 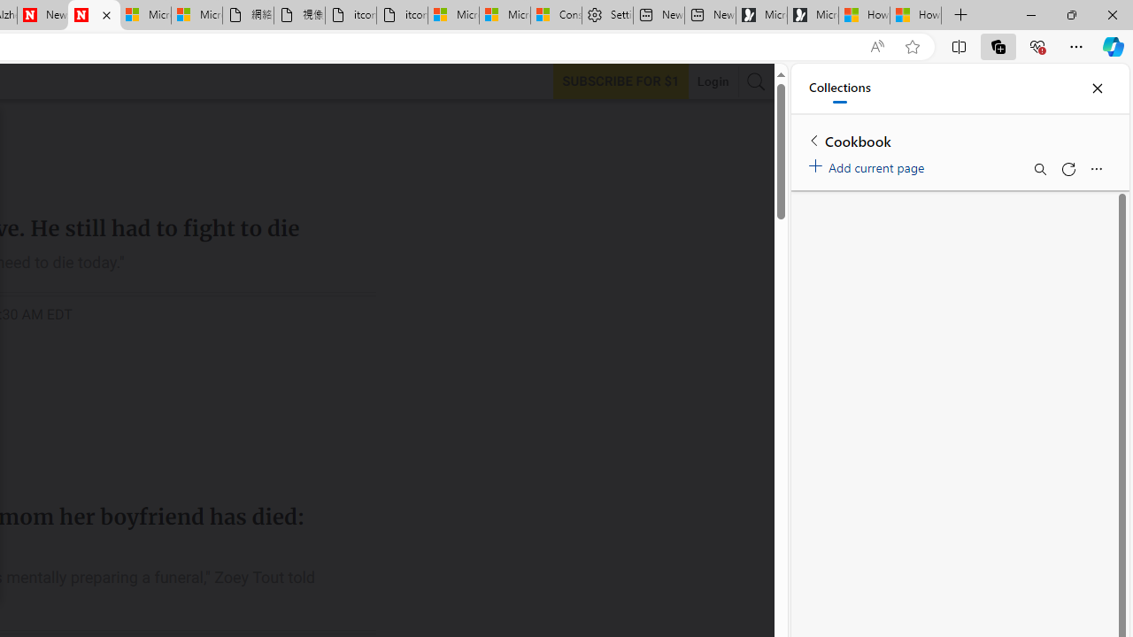 I want to click on 'Add current page', so click(x=870, y=165).